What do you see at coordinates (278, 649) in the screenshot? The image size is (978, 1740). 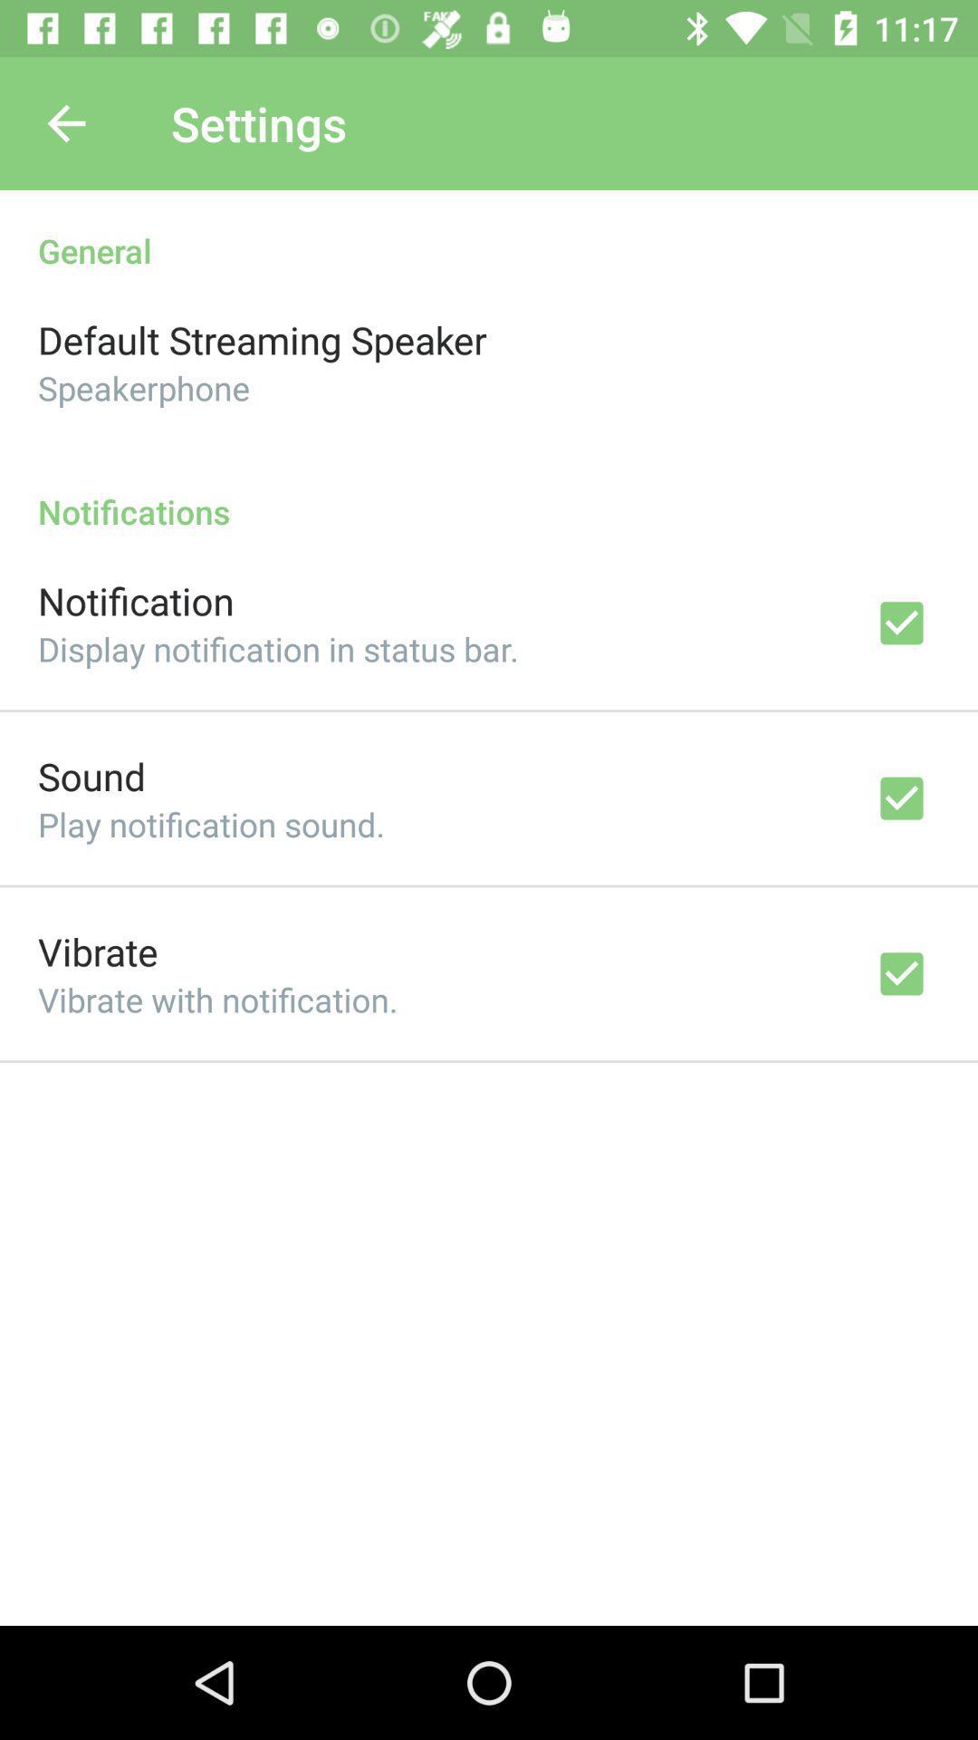 I see `display notification in` at bounding box center [278, 649].